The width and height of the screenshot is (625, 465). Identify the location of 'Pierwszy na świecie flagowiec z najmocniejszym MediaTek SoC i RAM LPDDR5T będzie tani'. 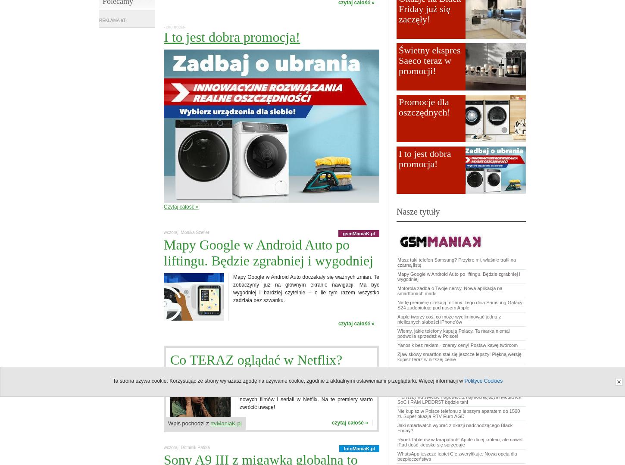
(459, 399).